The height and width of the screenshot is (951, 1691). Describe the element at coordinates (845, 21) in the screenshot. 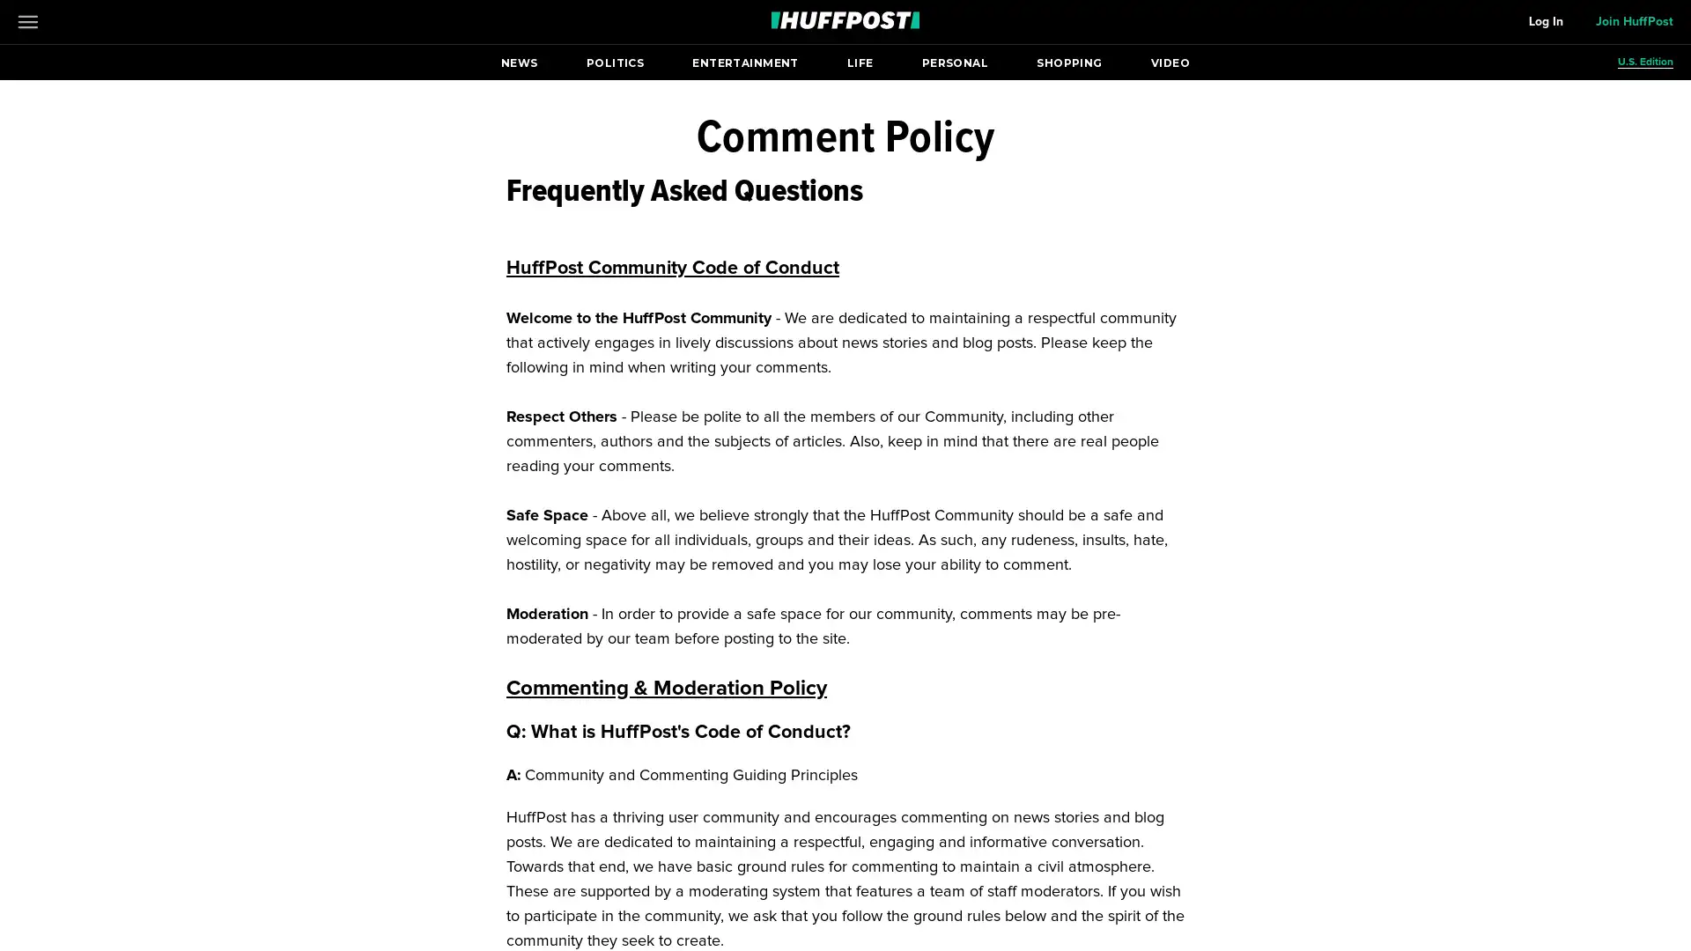

I see `Go to HuffPost News` at that location.